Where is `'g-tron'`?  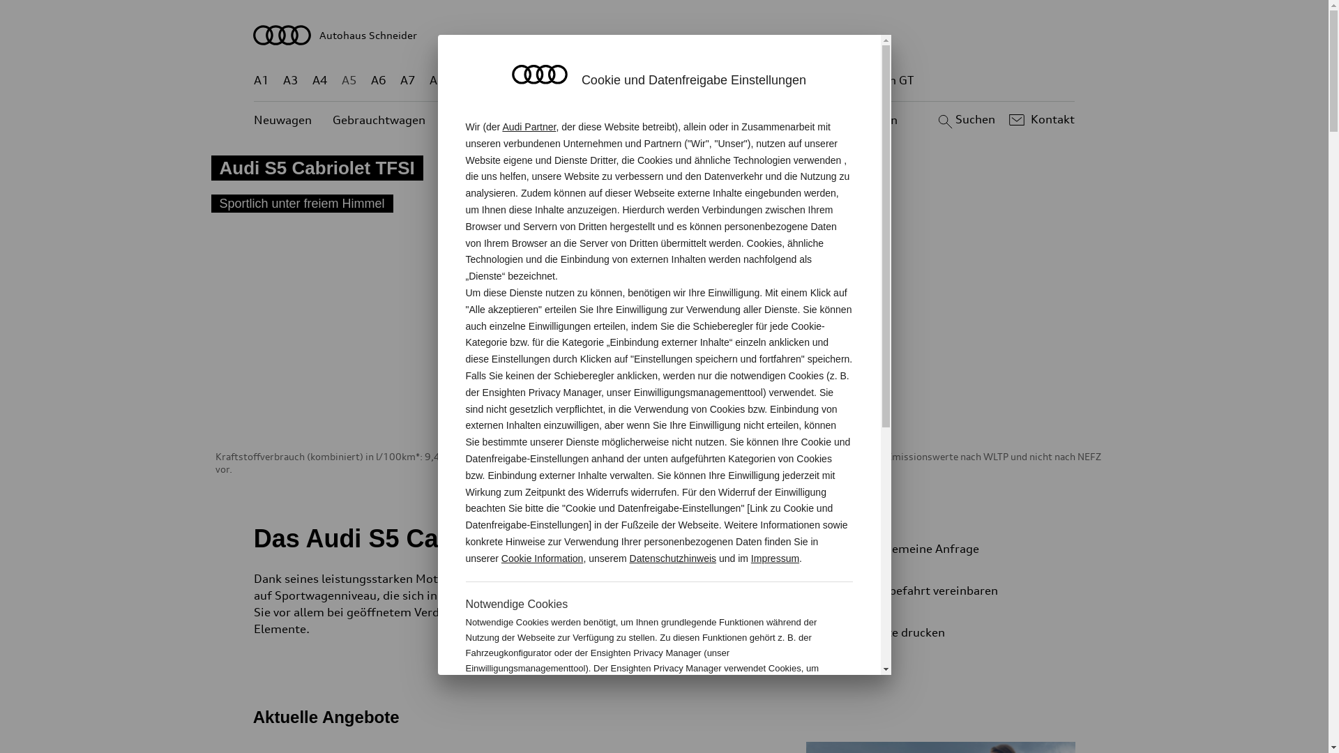
'g-tron' is located at coordinates (830, 80).